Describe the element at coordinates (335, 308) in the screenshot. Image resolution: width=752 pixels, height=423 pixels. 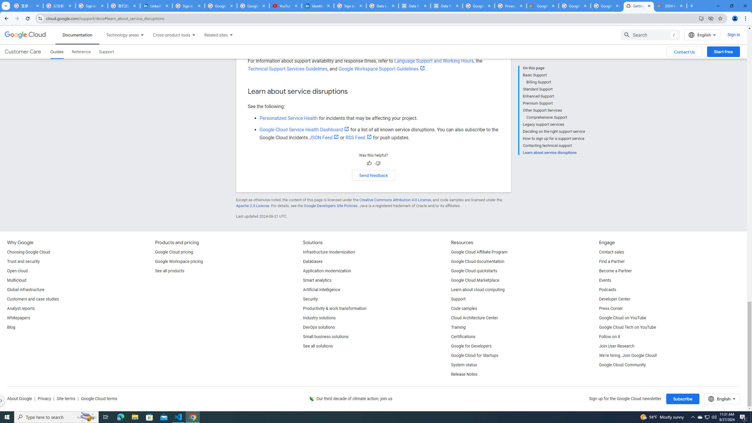
I see `'Productivity & work transformation'` at that location.